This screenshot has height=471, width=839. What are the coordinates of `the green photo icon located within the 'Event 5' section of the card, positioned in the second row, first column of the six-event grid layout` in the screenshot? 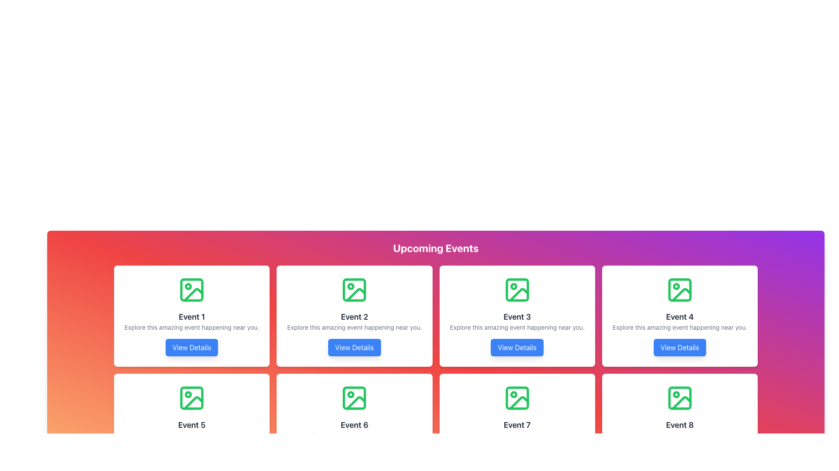 It's located at (191, 398).